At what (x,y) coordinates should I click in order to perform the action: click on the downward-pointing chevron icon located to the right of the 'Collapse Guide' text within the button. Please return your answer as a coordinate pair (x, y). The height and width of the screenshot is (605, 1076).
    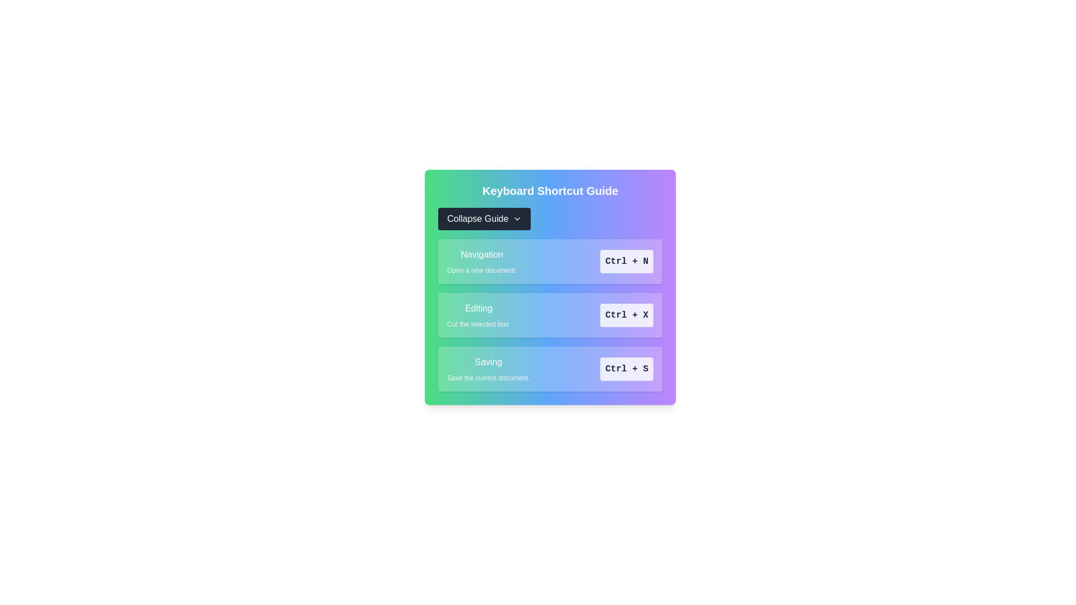
    Looking at the image, I should click on (517, 218).